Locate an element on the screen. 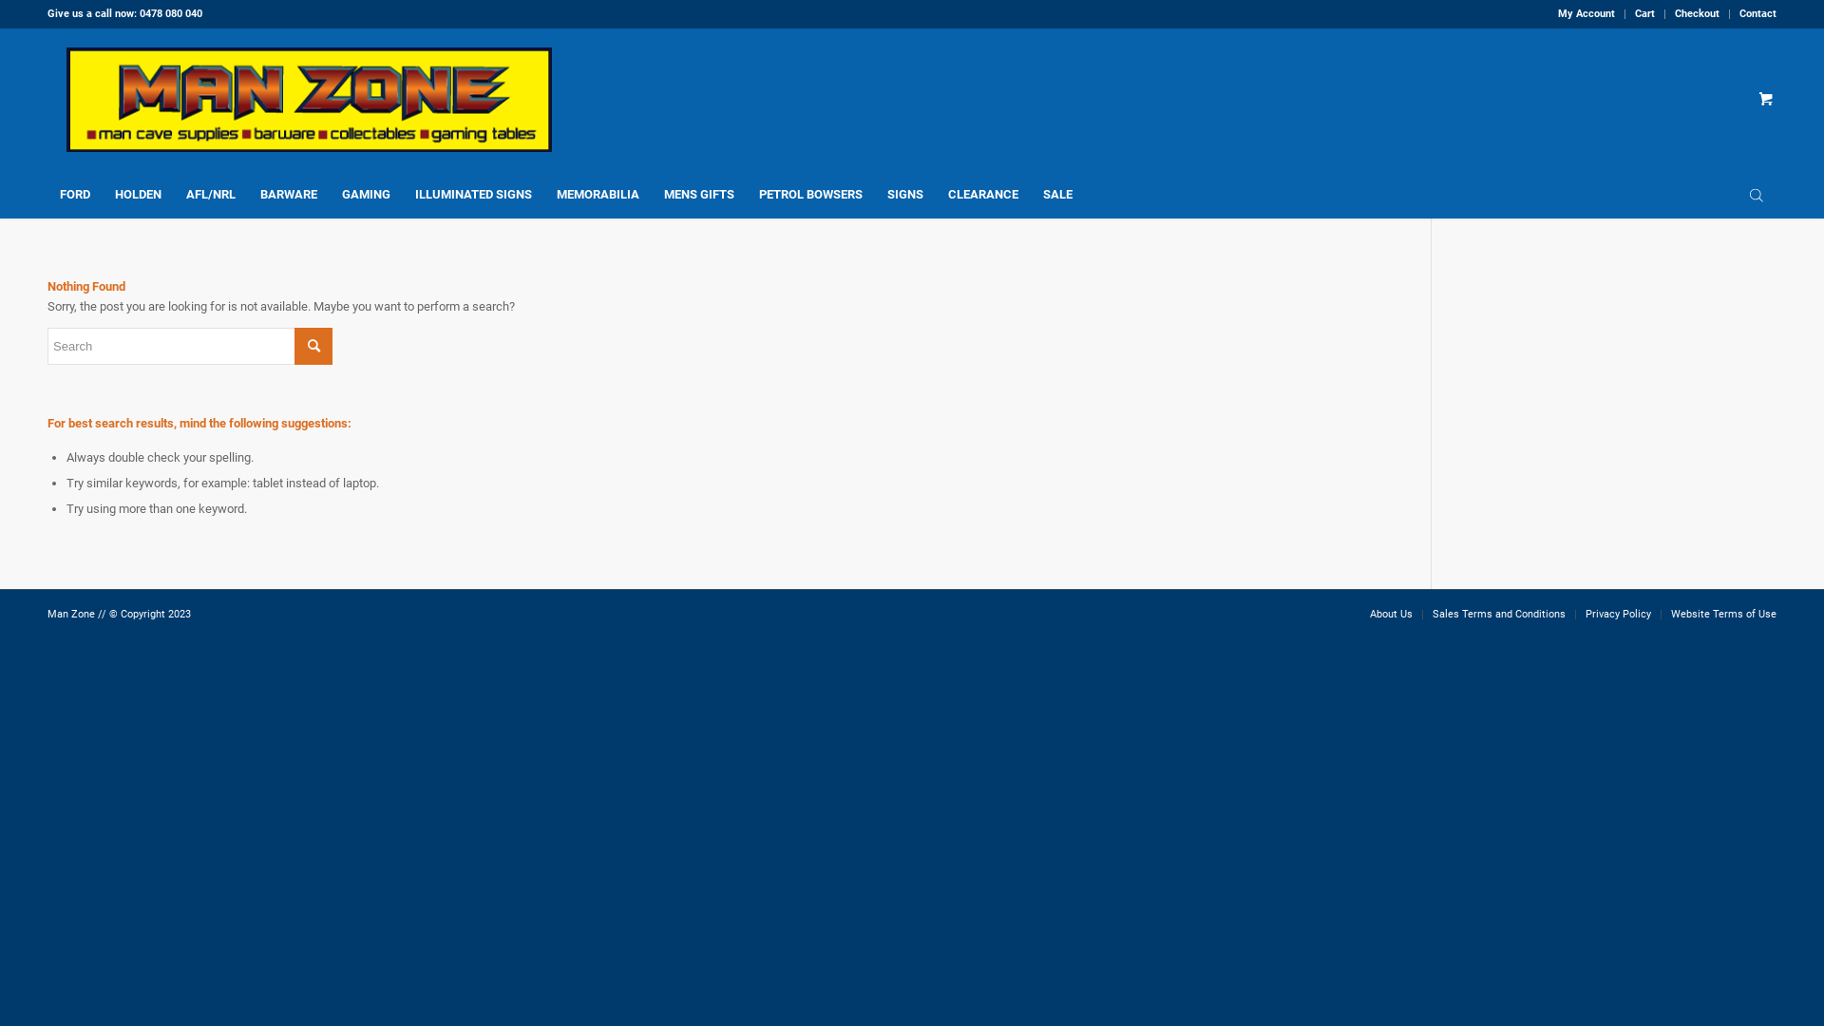  'Checkout' is located at coordinates (1697, 13).